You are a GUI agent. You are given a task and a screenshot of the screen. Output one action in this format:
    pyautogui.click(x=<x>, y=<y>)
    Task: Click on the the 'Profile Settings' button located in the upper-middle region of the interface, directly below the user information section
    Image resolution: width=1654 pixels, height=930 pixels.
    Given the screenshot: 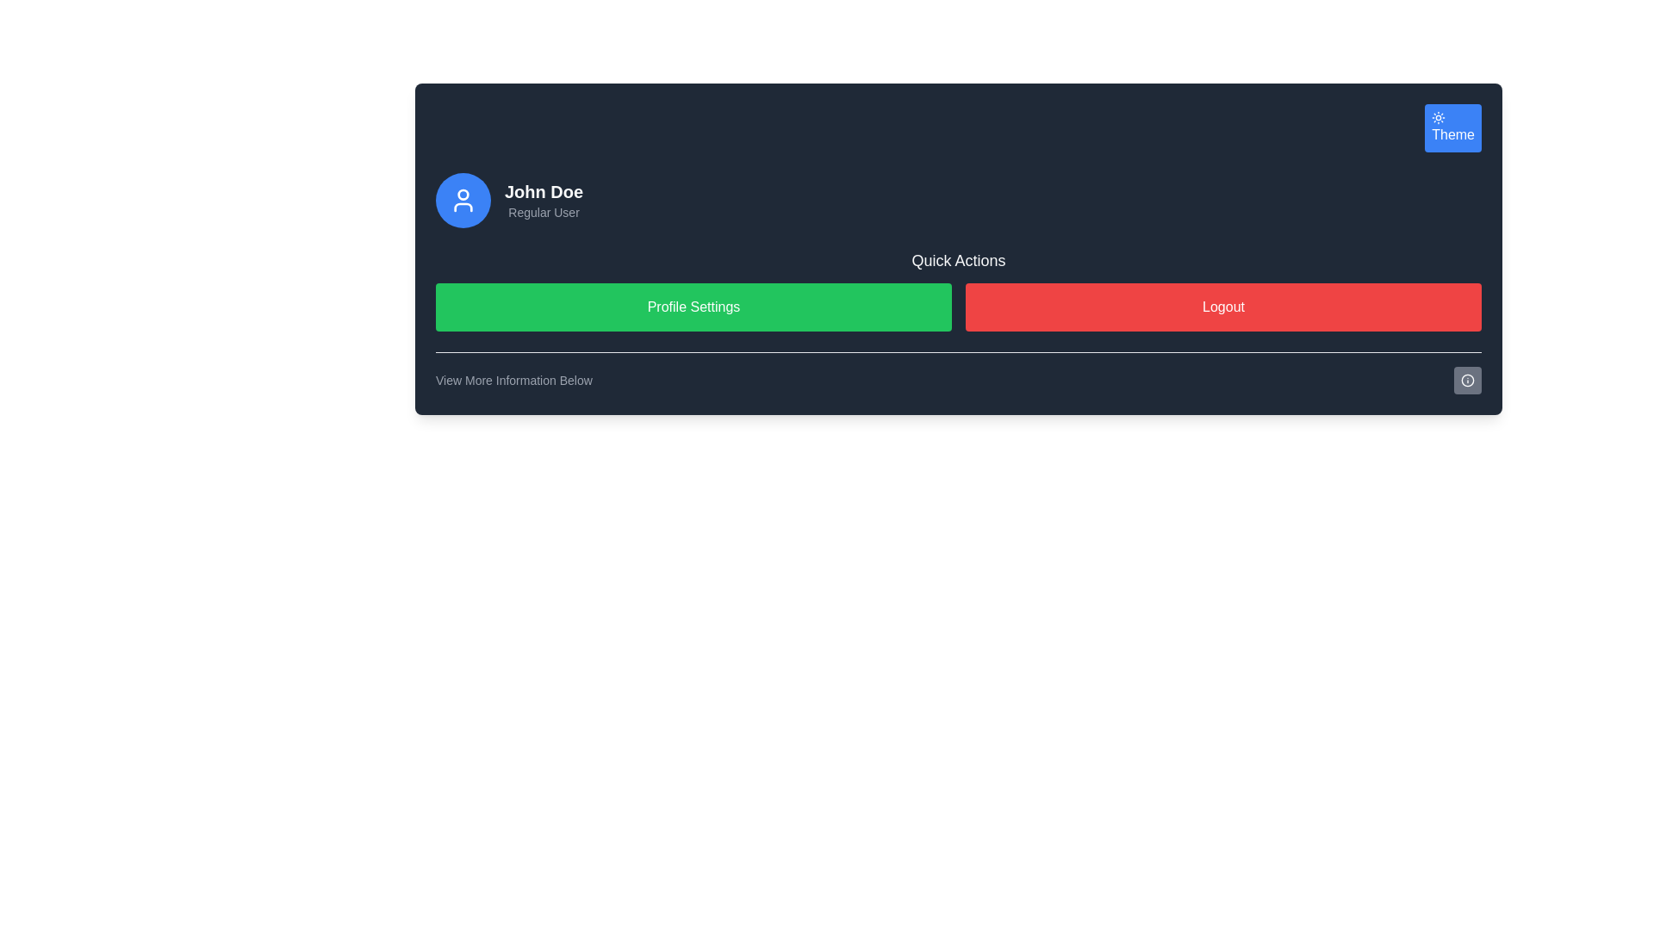 What is the action you would take?
    pyautogui.click(x=693, y=307)
    